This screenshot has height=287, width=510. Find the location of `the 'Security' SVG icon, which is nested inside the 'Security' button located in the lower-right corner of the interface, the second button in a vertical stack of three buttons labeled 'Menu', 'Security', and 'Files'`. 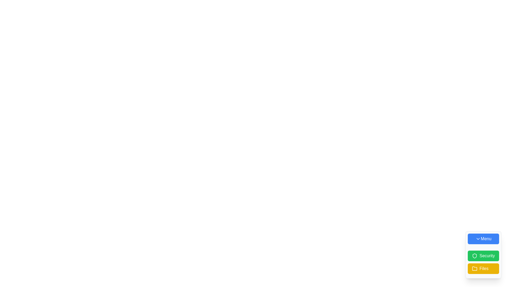

the 'Security' SVG icon, which is nested inside the 'Security' button located in the lower-right corner of the interface, the second button in a vertical stack of three buttons labeled 'Menu', 'Security', and 'Files' is located at coordinates (475, 256).